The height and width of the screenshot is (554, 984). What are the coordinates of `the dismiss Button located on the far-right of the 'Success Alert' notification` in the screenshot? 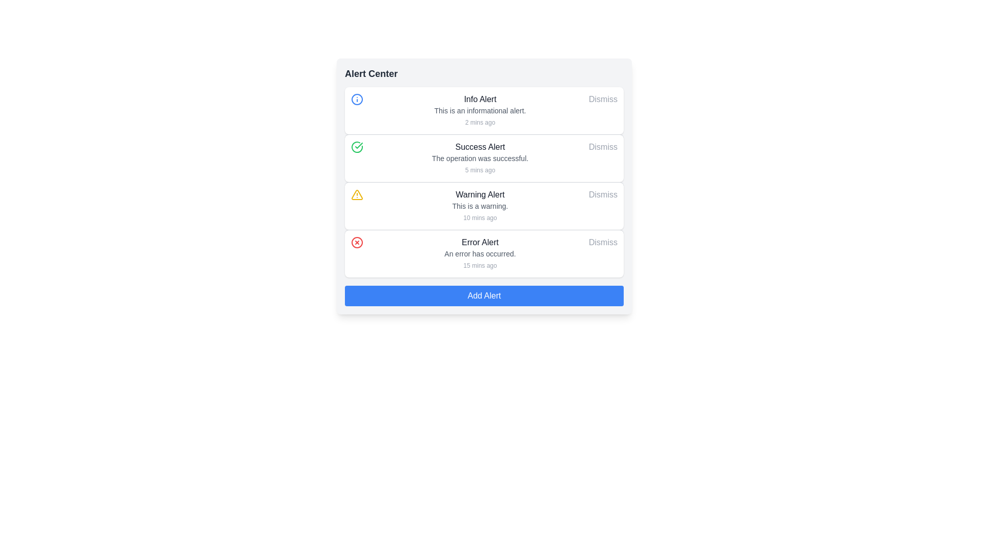 It's located at (603, 147).